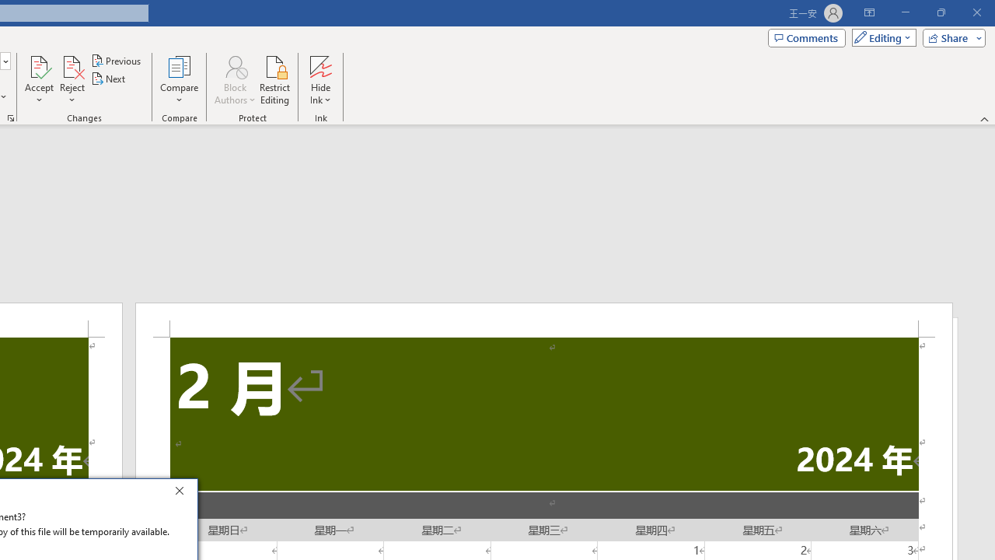 The image size is (995, 560). What do you see at coordinates (807, 37) in the screenshot?
I see `'Comments'` at bounding box center [807, 37].